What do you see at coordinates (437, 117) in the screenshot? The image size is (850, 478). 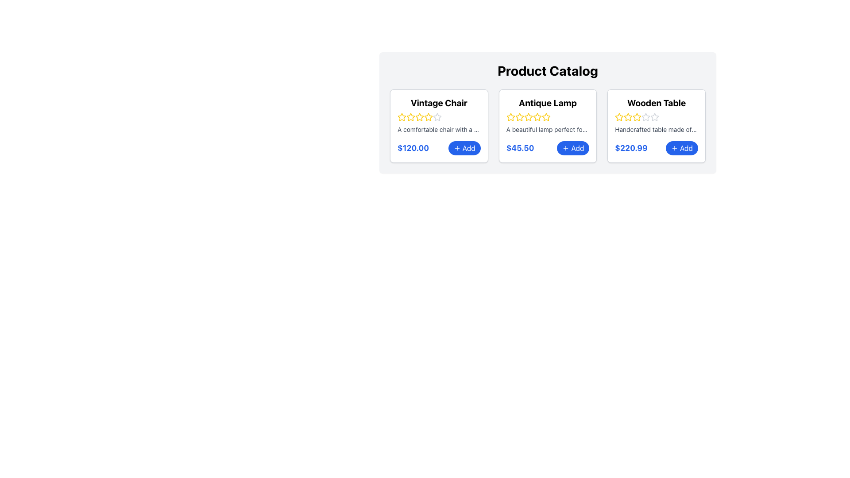 I see `the fifth star-shaped rating icon outlined in gray, located in the rating section under the product titled 'Vintage Chair'` at bounding box center [437, 117].